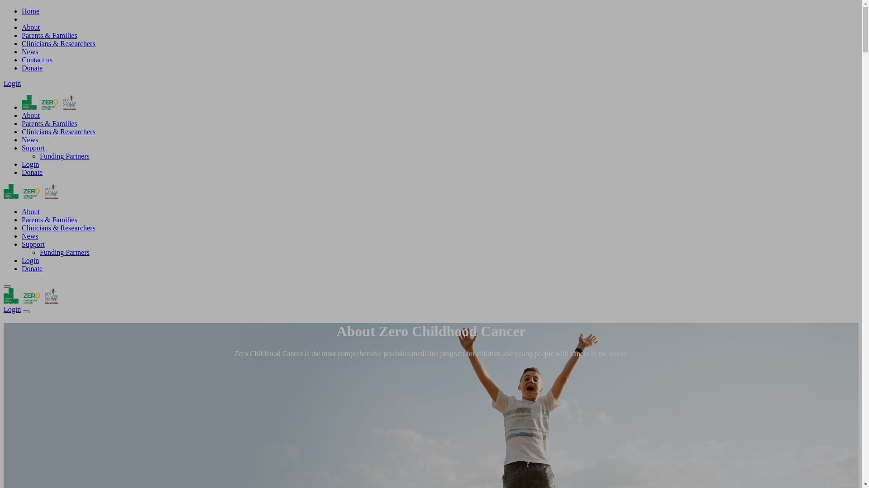 This screenshot has height=488, width=869. Describe the element at coordinates (36, 60) in the screenshot. I see `'Contact us'` at that location.